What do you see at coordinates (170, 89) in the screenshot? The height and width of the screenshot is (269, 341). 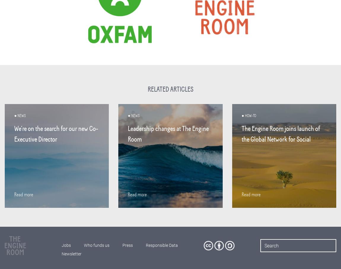 I see `'Related articles'` at bounding box center [170, 89].